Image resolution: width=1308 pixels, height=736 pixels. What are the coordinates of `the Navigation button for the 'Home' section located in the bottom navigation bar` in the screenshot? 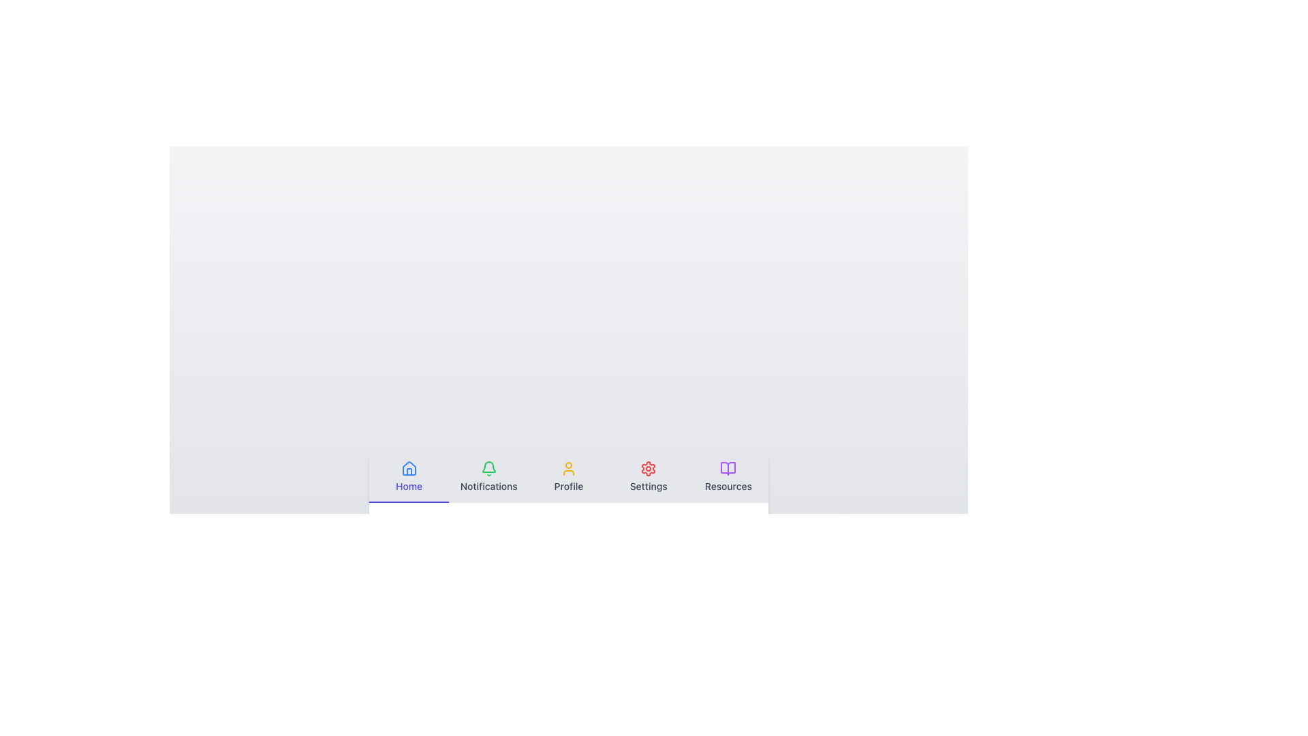 It's located at (408, 476).